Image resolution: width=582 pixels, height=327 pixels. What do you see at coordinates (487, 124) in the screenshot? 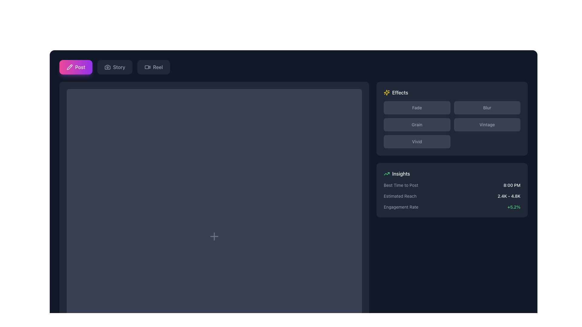
I see `the 'Vintage' button located in the bottom-right section of the 'Effects' panel to apply the effect` at bounding box center [487, 124].